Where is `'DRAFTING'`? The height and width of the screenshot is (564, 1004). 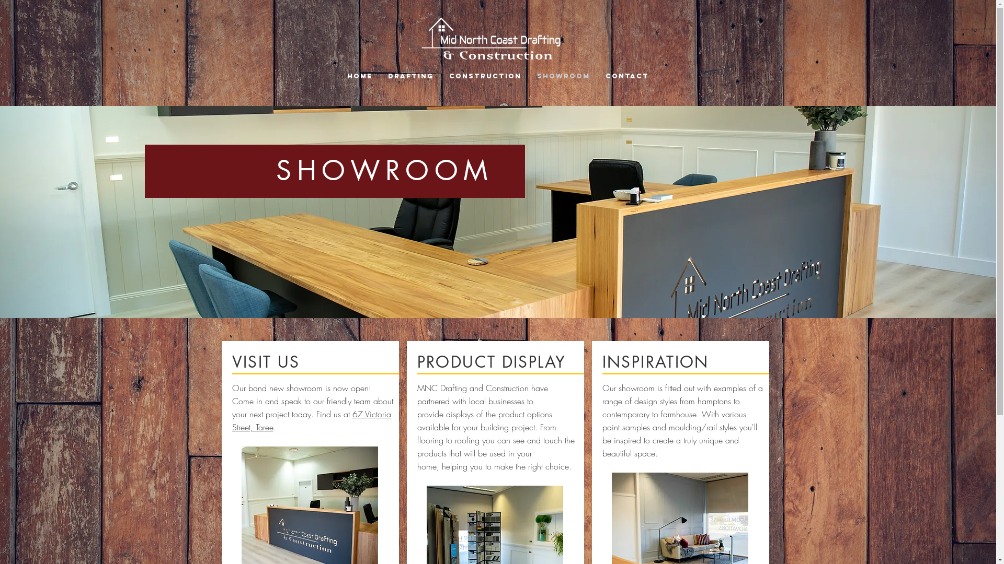
'DRAFTING' is located at coordinates (410, 74).